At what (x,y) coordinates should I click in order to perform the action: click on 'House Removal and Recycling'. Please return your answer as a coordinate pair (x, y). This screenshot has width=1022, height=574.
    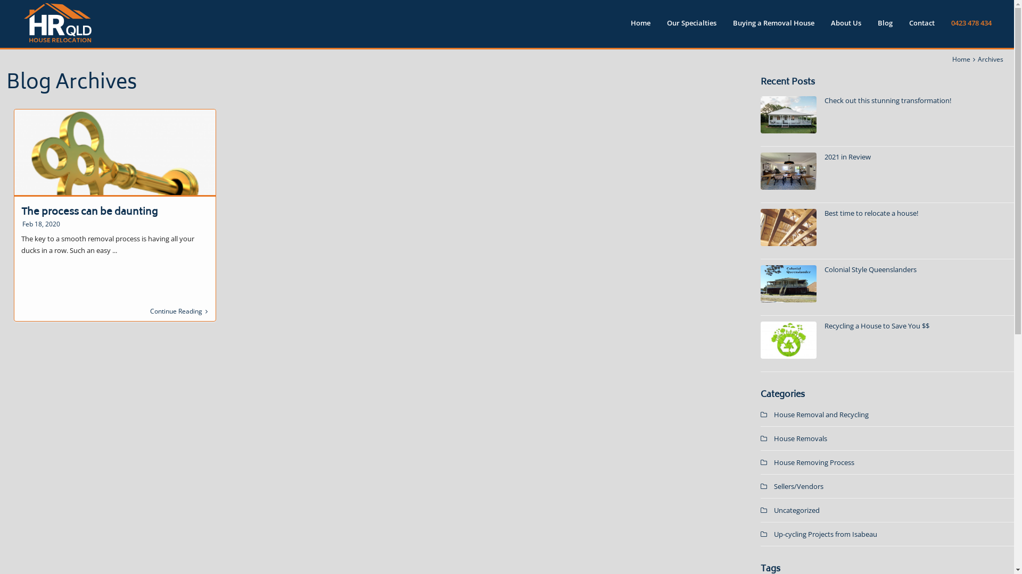
    Looking at the image, I should click on (820, 413).